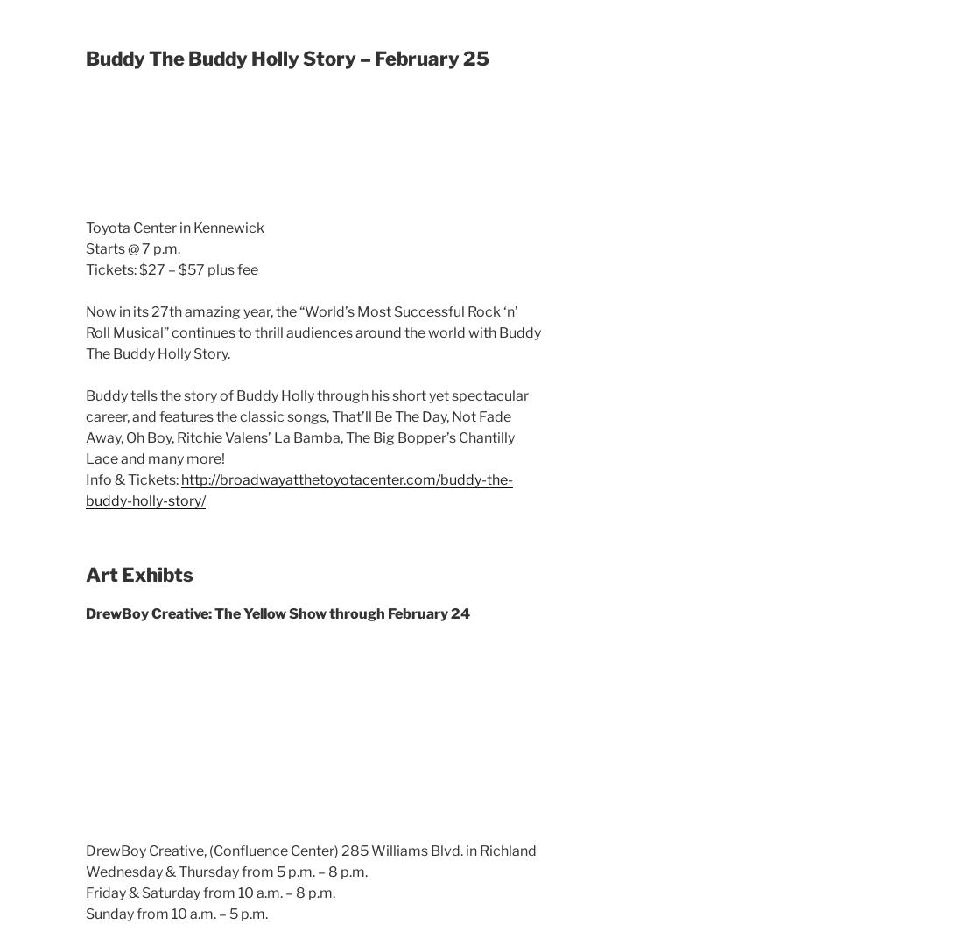 This screenshot has width=963, height=938. I want to click on 'Art Exhibts', so click(86, 575).